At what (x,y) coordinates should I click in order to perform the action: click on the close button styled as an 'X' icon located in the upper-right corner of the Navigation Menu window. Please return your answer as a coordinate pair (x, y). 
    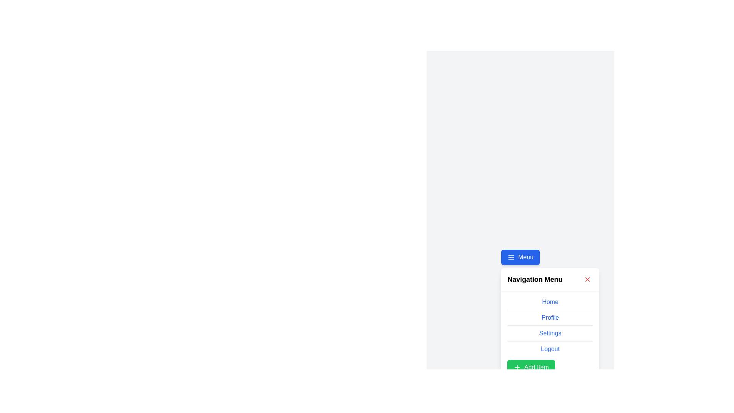
    Looking at the image, I should click on (587, 280).